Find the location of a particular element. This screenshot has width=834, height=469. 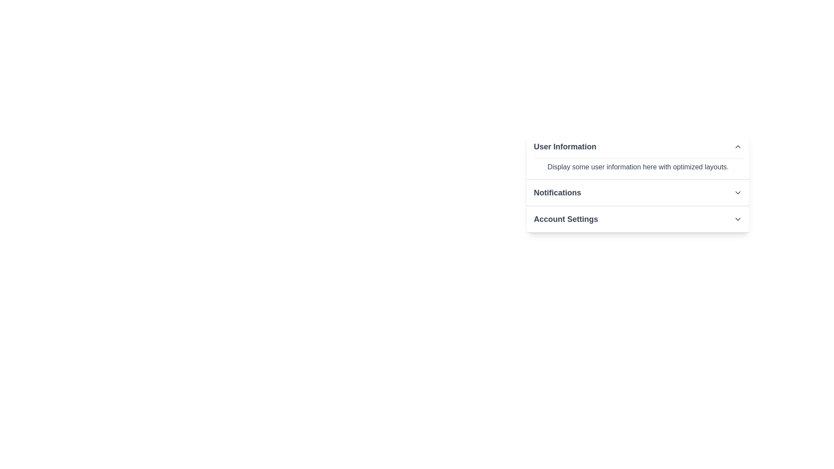

the static text that states 'Display some user information here with optimized layouts.' located under the 'User Information' header is located at coordinates (638, 167).